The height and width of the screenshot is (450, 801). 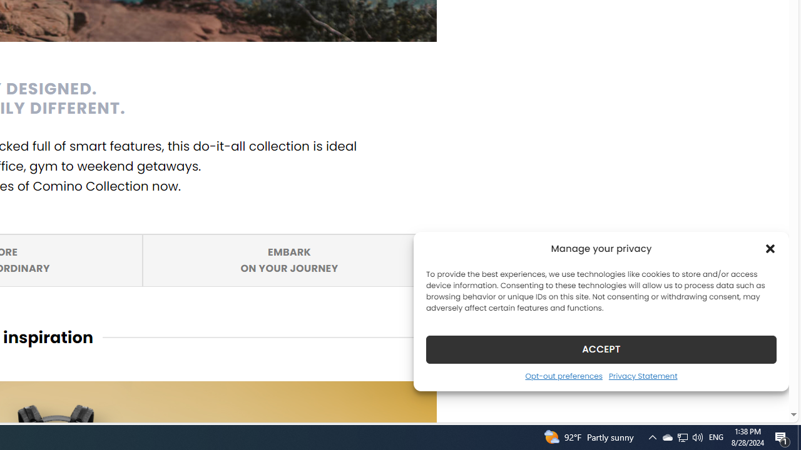 What do you see at coordinates (643, 375) in the screenshot?
I see `'Privacy Statement'` at bounding box center [643, 375].